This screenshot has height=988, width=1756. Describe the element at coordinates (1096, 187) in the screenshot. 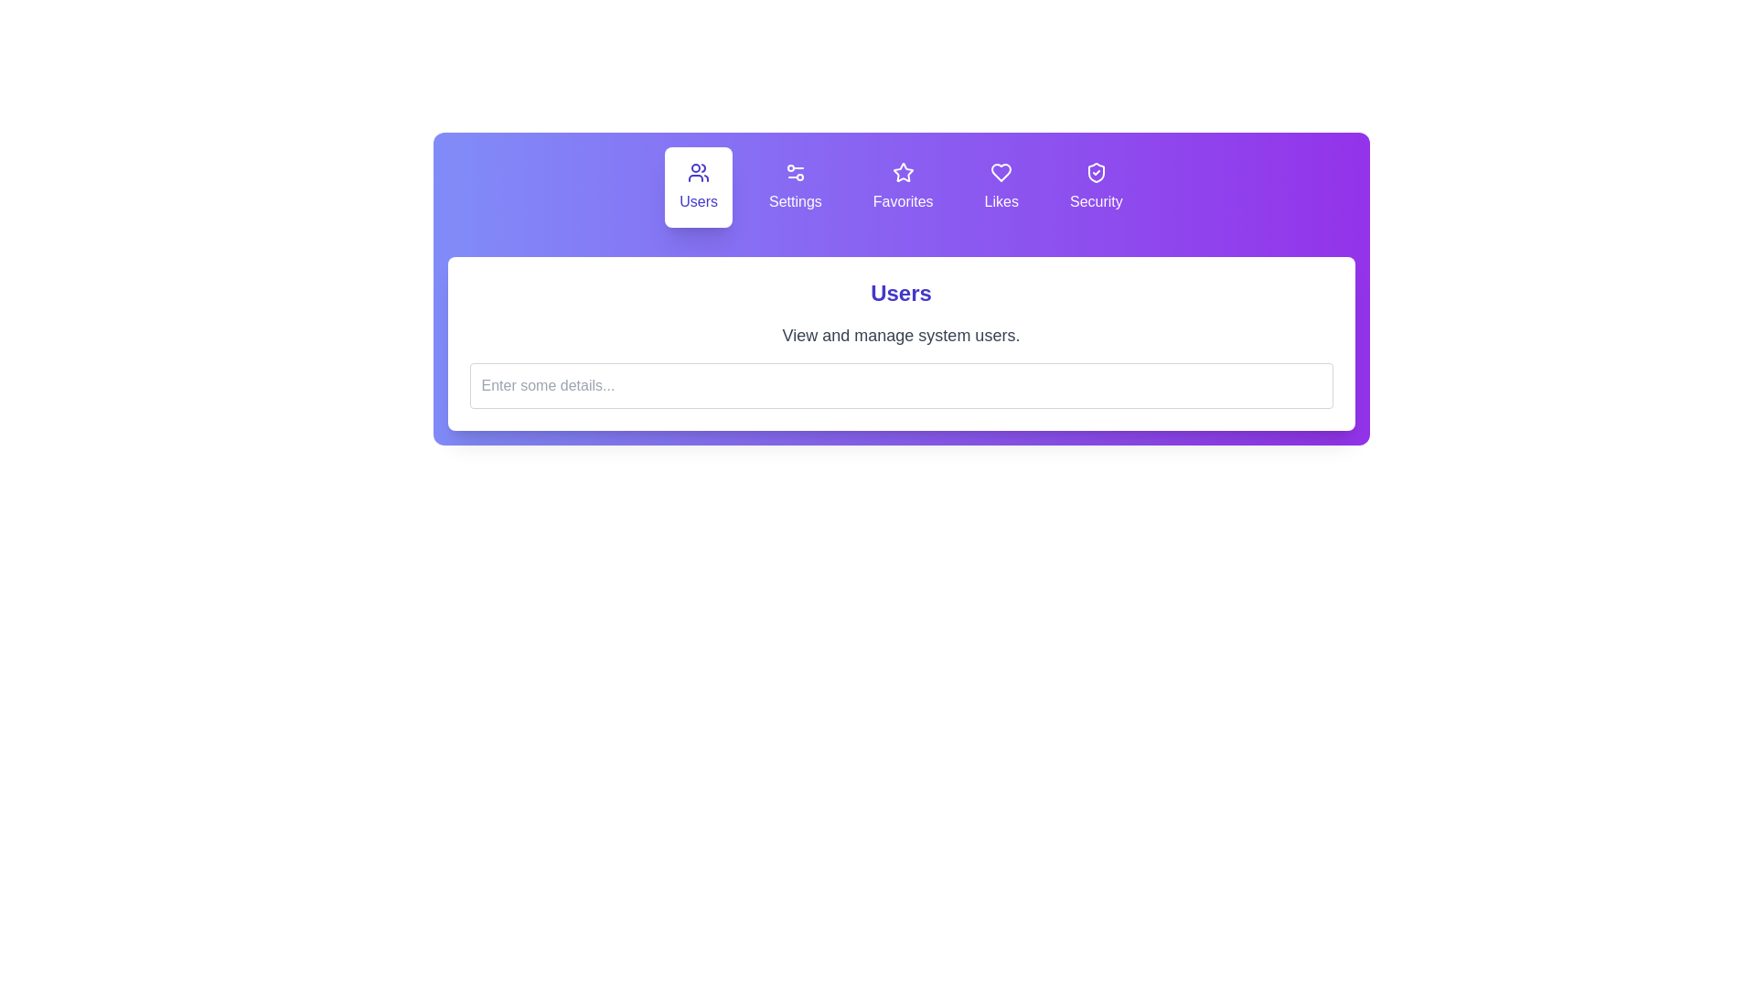

I see `the tab labeled Security to read its description` at that location.